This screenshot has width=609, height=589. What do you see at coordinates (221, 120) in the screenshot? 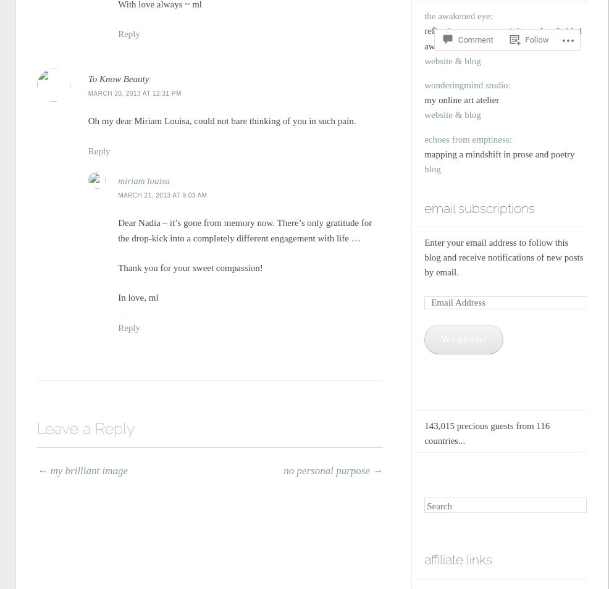
I see `'Oh my dear Miriam Louisa, could not bare thinking of you in such pain.'` at bounding box center [221, 120].